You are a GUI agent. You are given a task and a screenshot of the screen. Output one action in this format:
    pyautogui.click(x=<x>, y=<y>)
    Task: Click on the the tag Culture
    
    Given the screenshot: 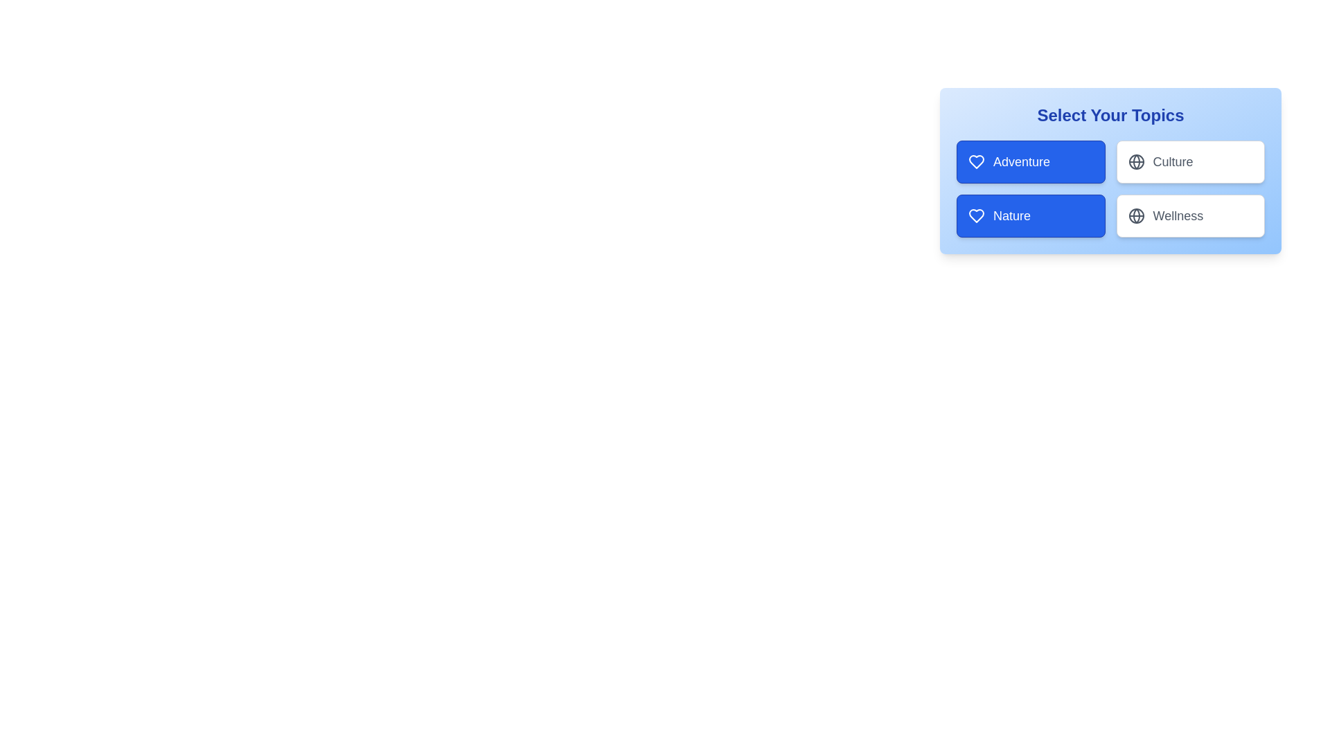 What is the action you would take?
    pyautogui.click(x=1189, y=161)
    